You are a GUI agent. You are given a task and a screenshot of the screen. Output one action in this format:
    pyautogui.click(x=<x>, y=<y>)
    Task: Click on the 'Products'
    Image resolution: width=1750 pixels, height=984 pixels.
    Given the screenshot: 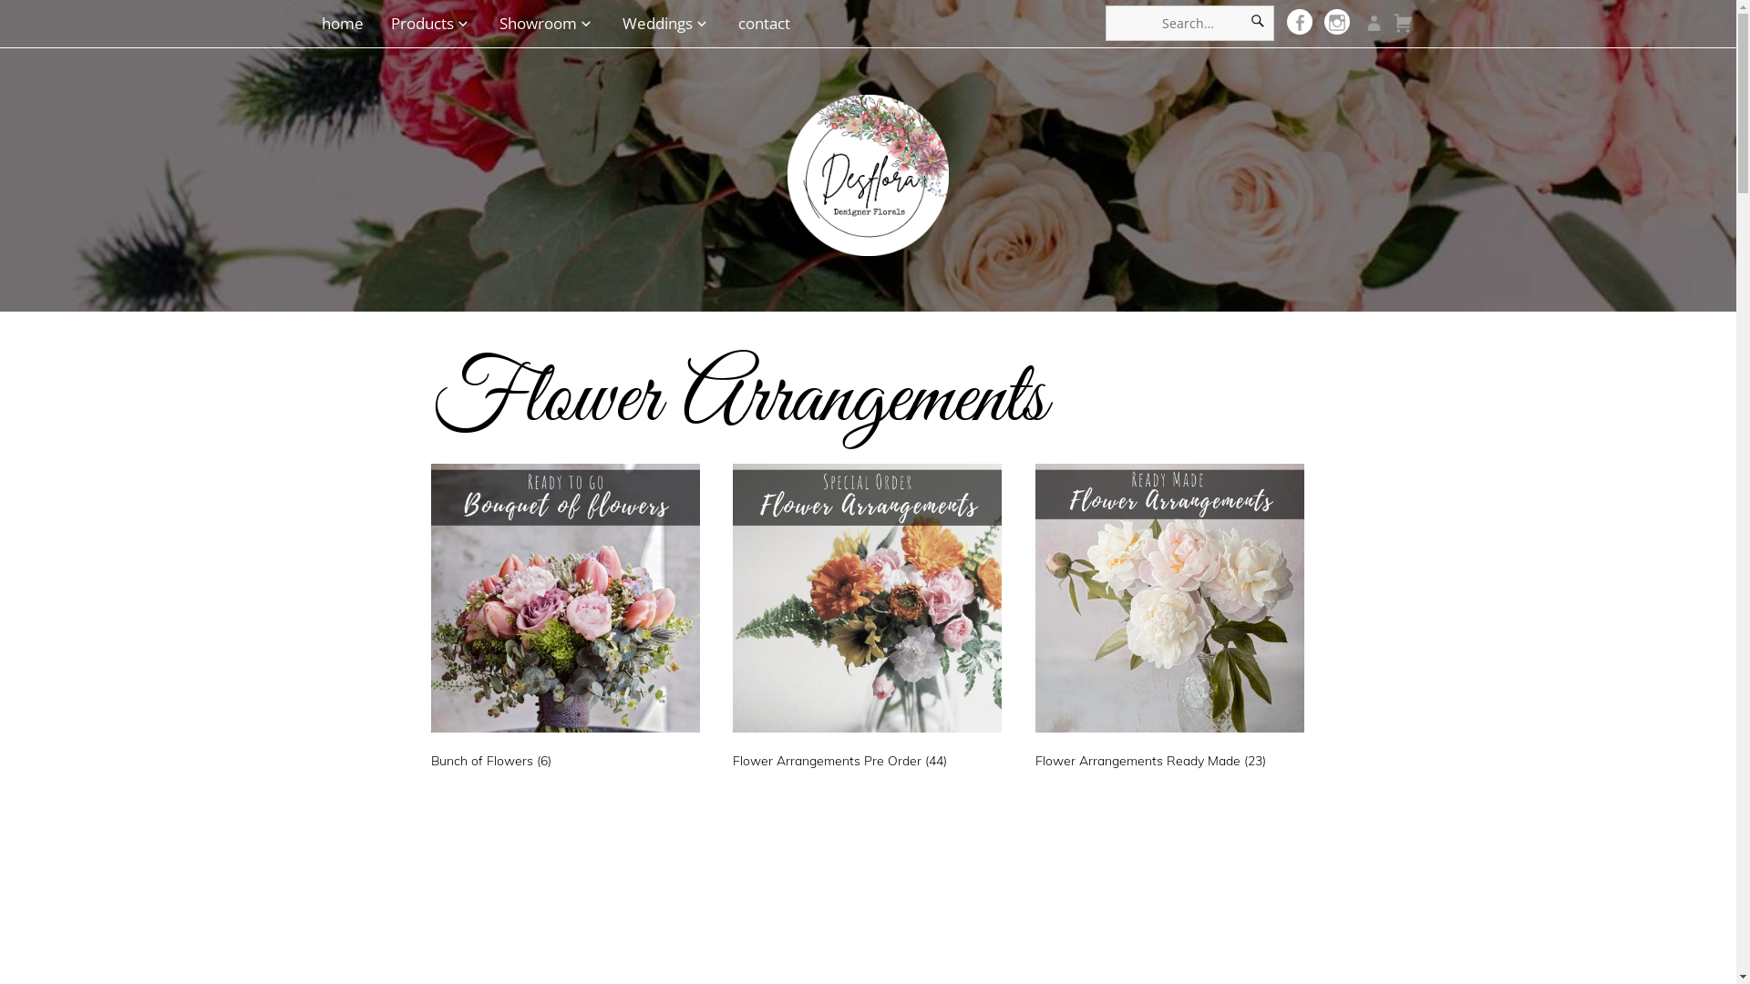 What is the action you would take?
    pyautogui.click(x=430, y=23)
    